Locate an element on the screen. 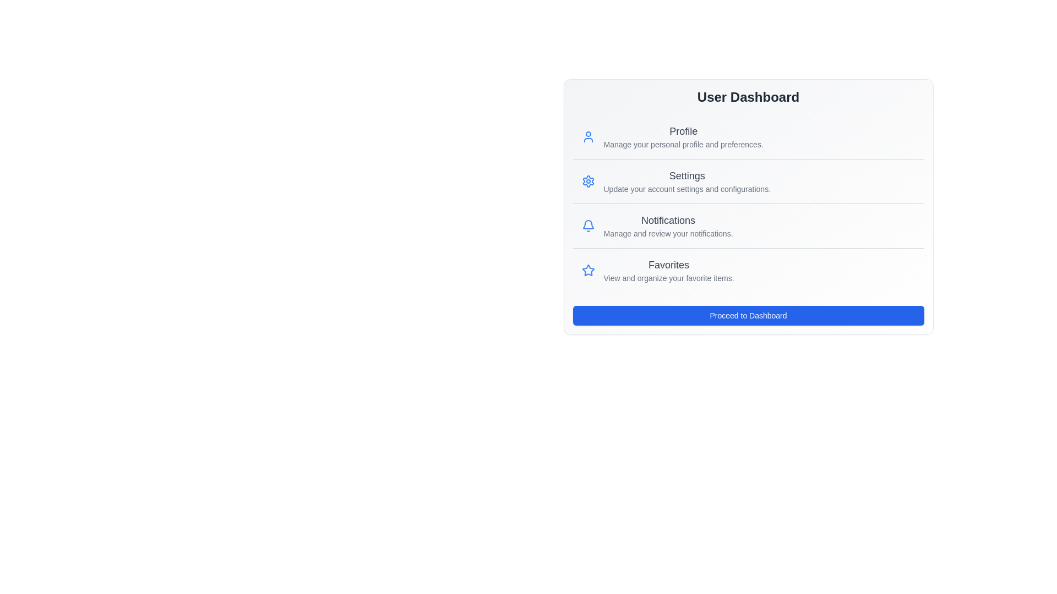  the 'Notifications' text label element, which is styled with a larger font size and medium font weight, located in the Notifications section of the dashboard is located at coordinates (668, 221).